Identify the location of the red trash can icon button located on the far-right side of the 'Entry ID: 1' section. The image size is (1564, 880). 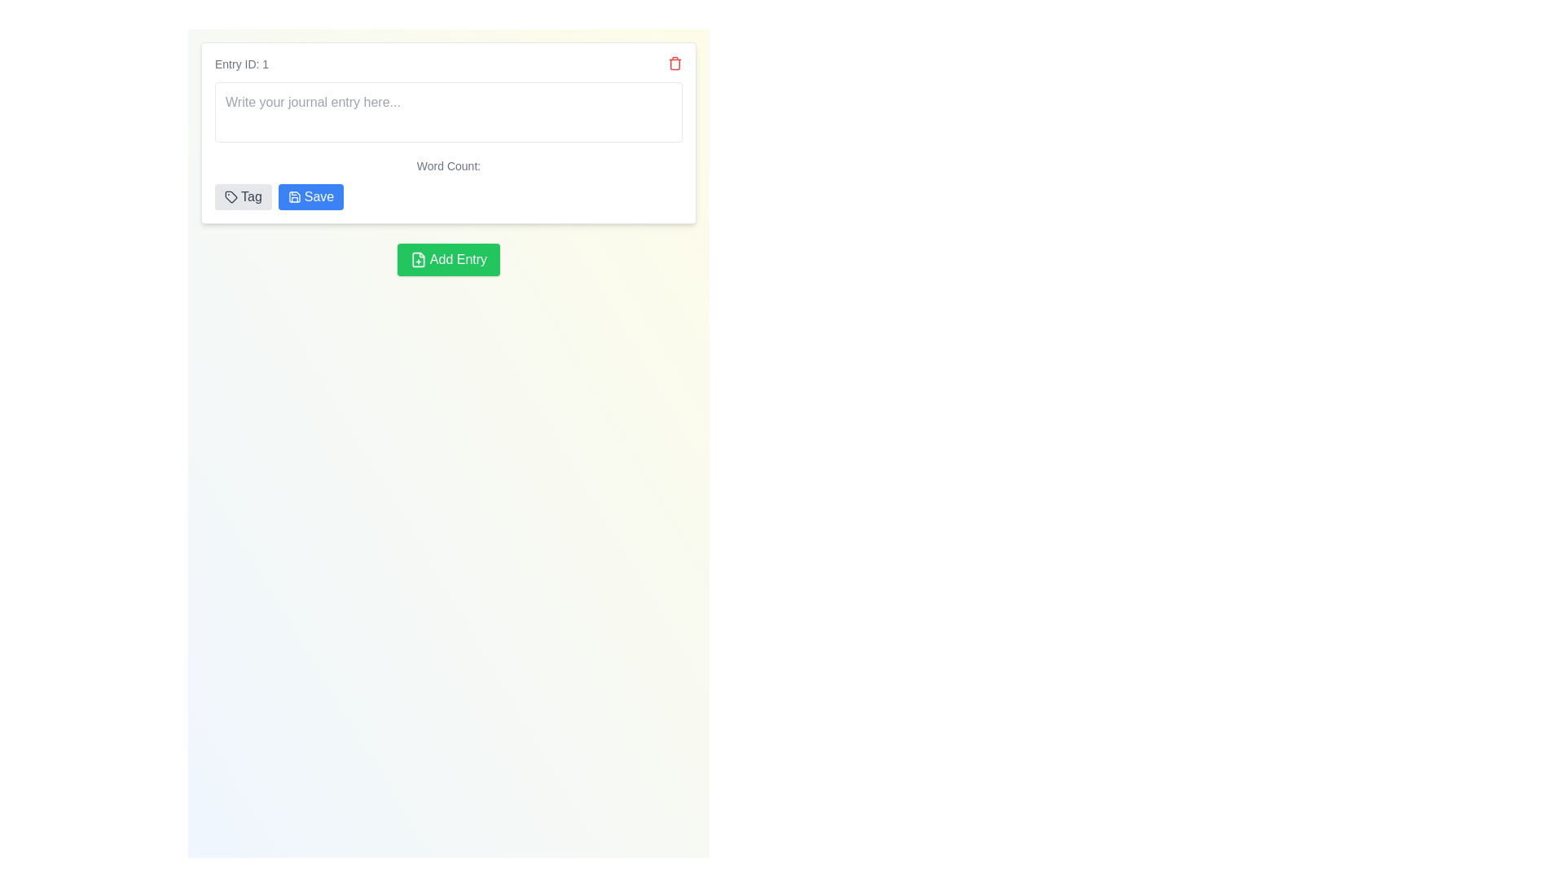
(675, 62).